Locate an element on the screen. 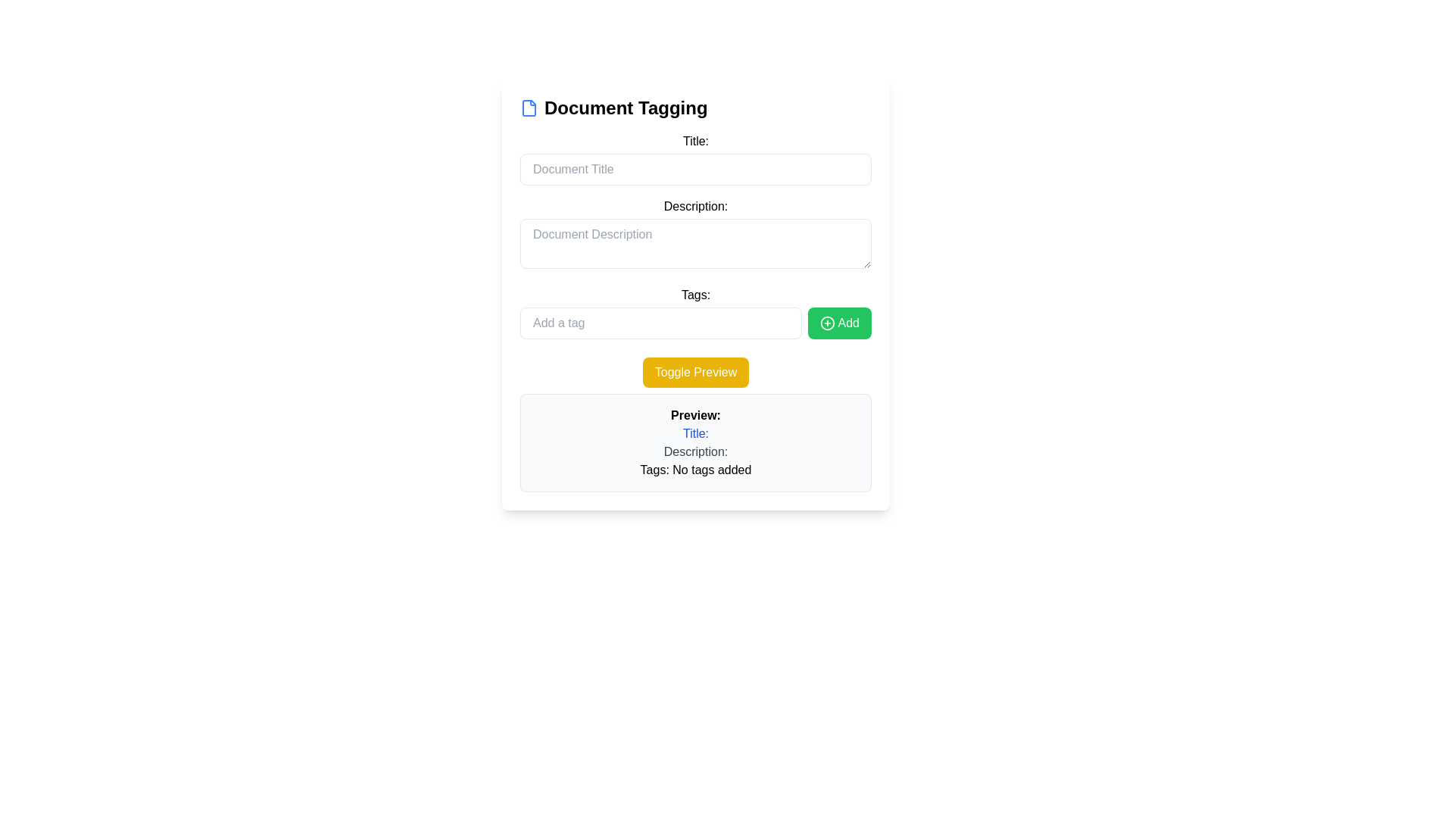  the static text label that identifies the title within the 'Preview' section, located below the 'Preview:' text and above the 'Description:' text is located at coordinates (694, 434).